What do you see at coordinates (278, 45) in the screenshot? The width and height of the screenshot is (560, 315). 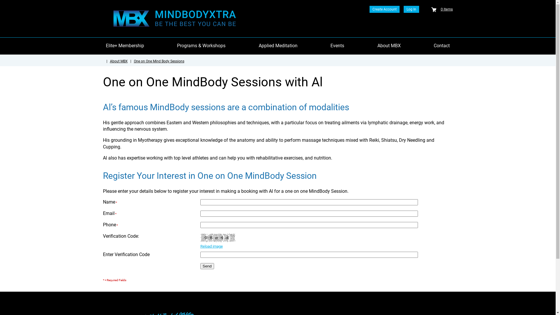 I see `'Applied Meditation'` at bounding box center [278, 45].